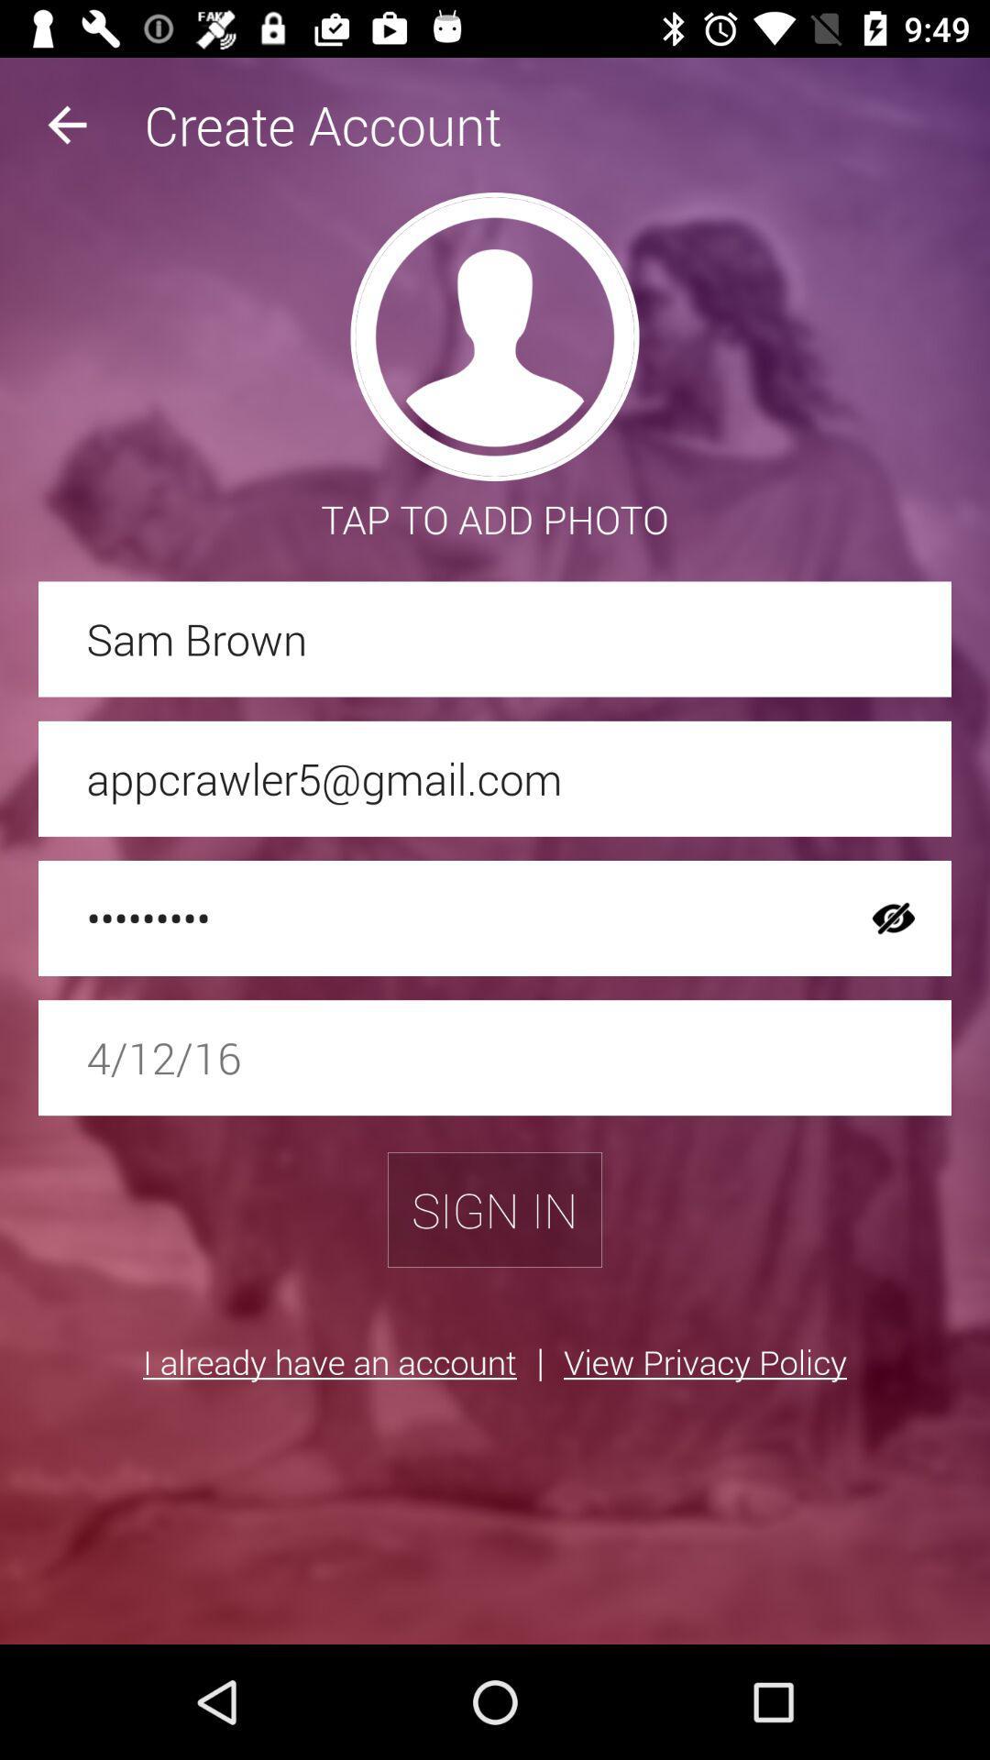 The image size is (990, 1760). Describe the element at coordinates (495, 778) in the screenshot. I see `appcrawler5@gmail.com` at that location.